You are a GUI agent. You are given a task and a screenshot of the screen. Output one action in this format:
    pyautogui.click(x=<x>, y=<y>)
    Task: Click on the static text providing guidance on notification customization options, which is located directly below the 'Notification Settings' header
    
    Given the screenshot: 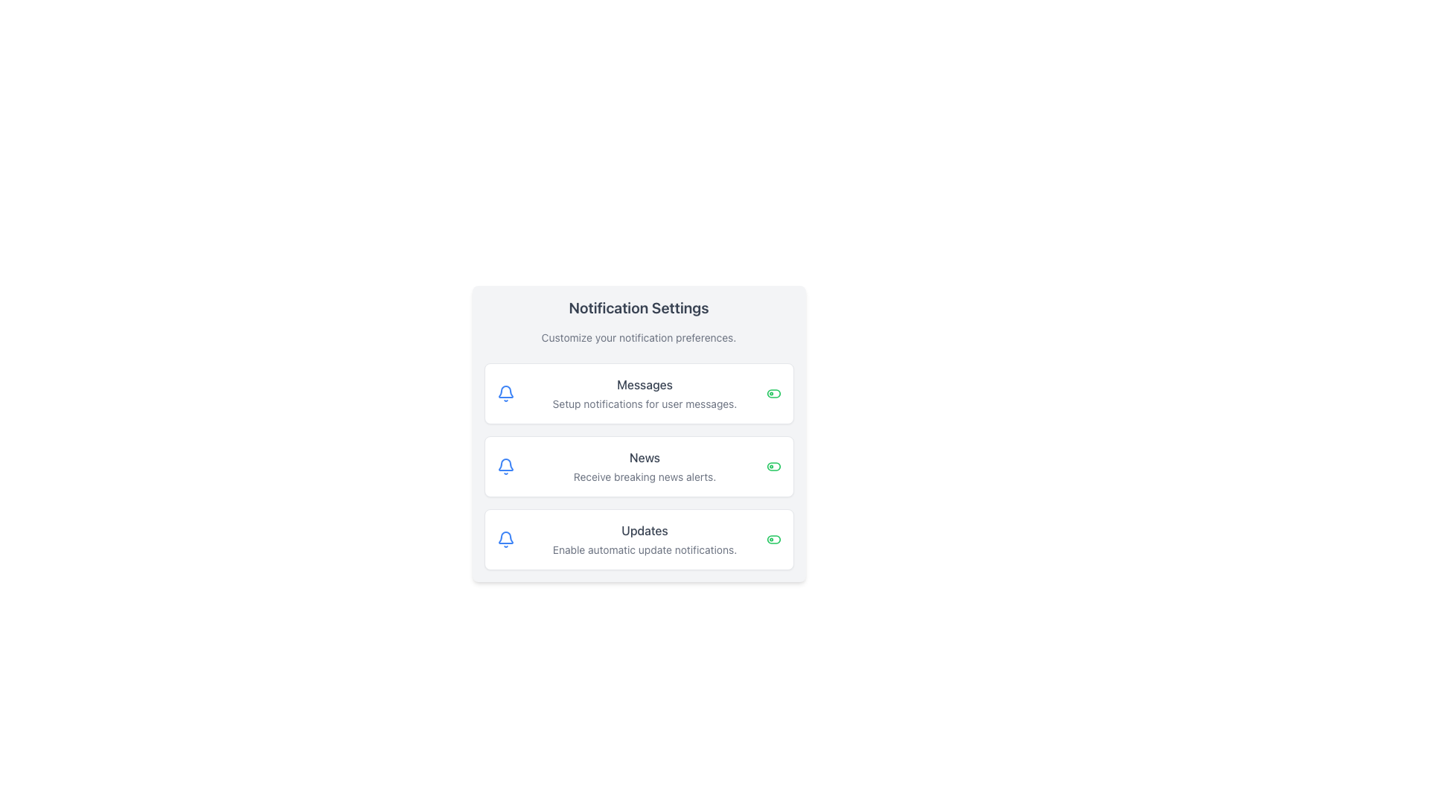 What is the action you would take?
    pyautogui.click(x=639, y=338)
    